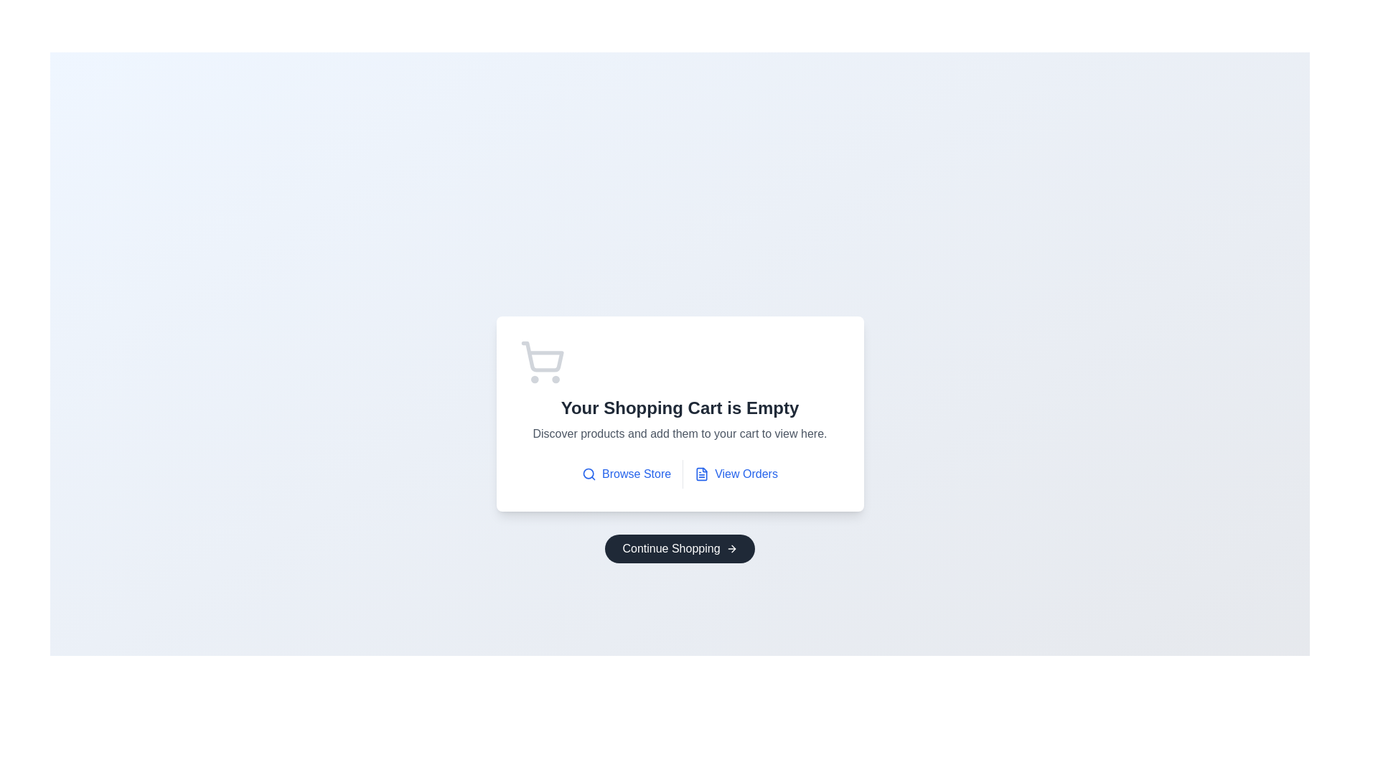 This screenshot has width=1378, height=775. What do you see at coordinates (679, 408) in the screenshot?
I see `the informational message text that notifies the user their shopping cart is empty, which is centrally positioned in the card below the shopping cart icon` at bounding box center [679, 408].